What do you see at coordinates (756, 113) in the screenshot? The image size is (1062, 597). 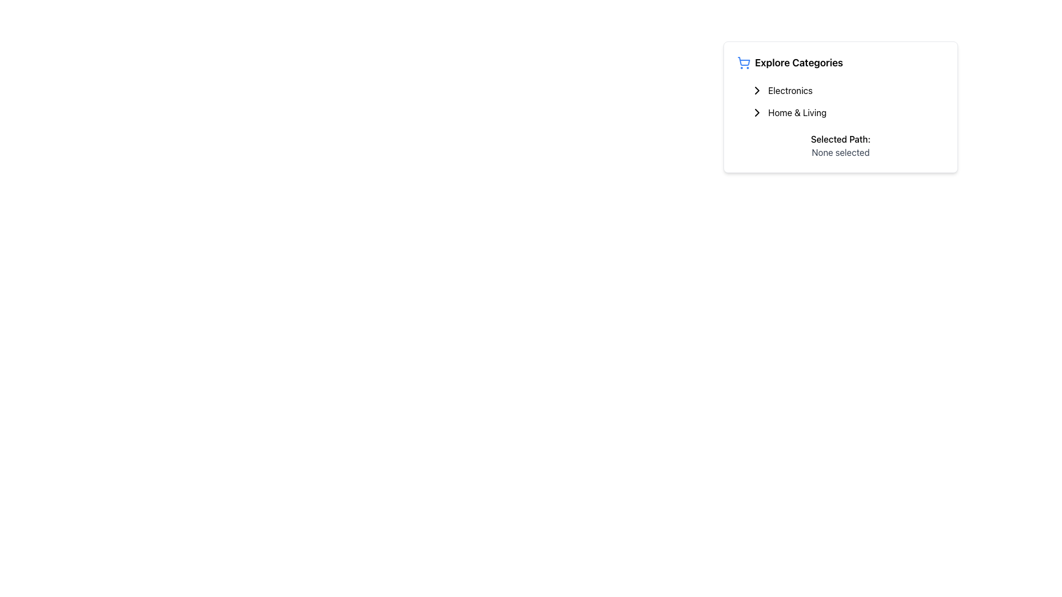 I see `the rightward-pointing chevron icon located to the left of the 'Home & Living' text` at bounding box center [756, 113].